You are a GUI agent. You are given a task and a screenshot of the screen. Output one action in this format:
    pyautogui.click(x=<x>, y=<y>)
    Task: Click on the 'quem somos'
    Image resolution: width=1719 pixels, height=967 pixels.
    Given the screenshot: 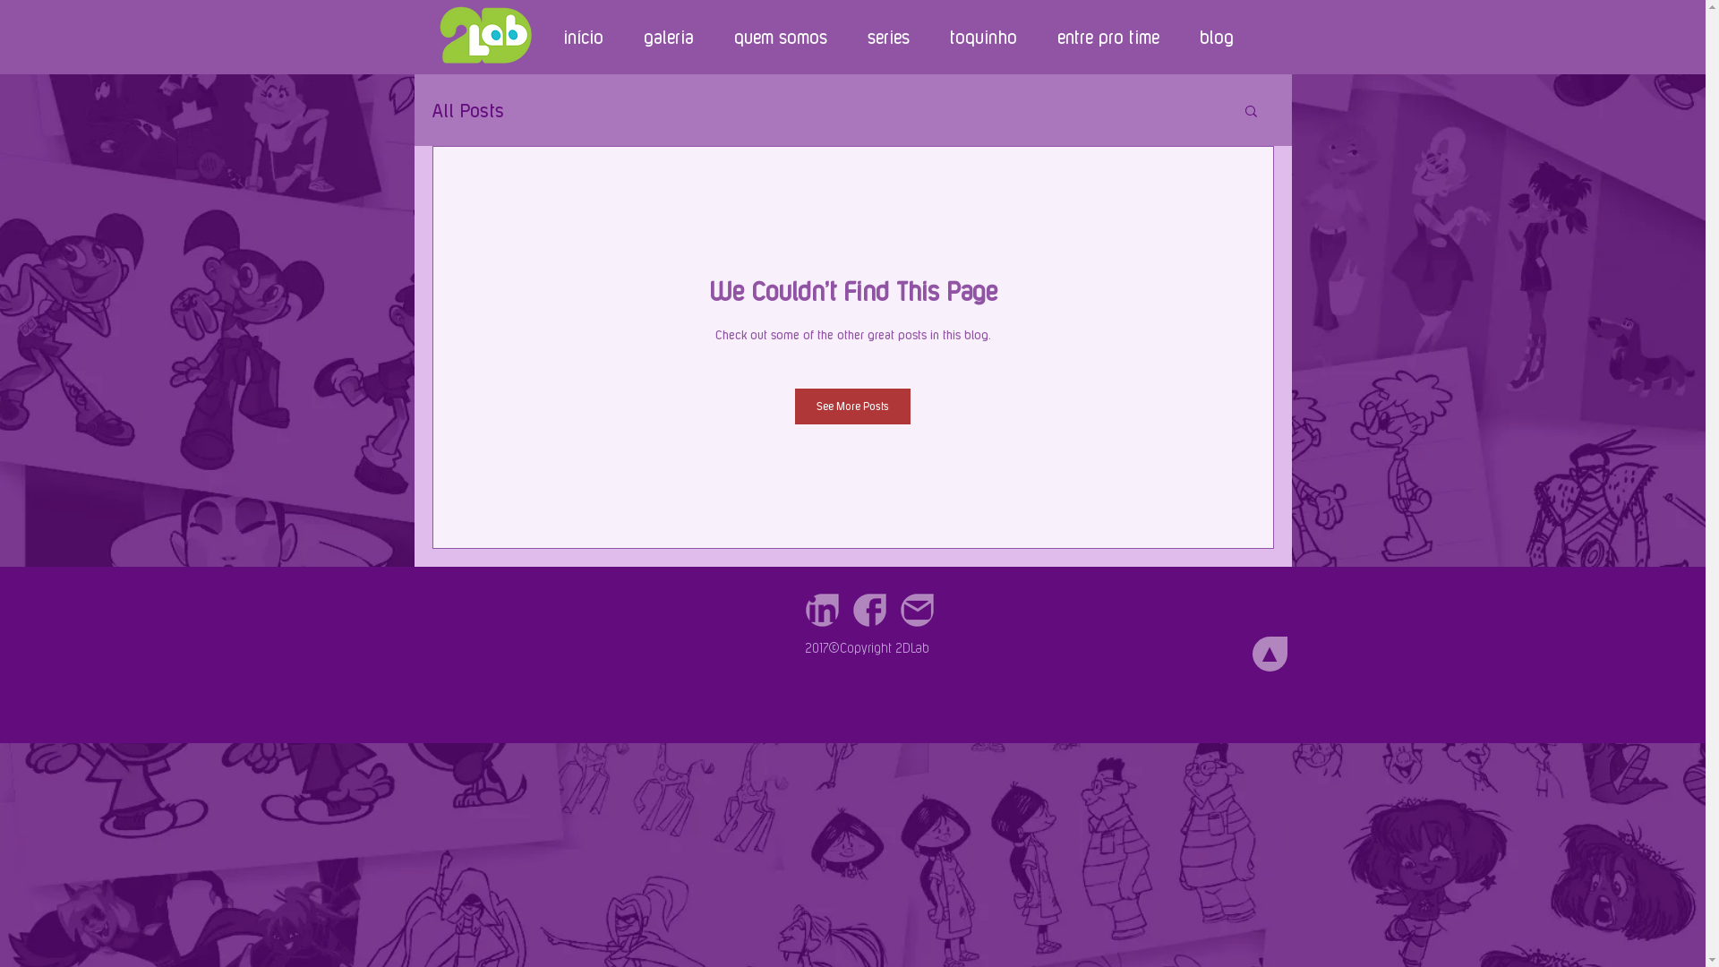 What is the action you would take?
    pyautogui.click(x=779, y=37)
    